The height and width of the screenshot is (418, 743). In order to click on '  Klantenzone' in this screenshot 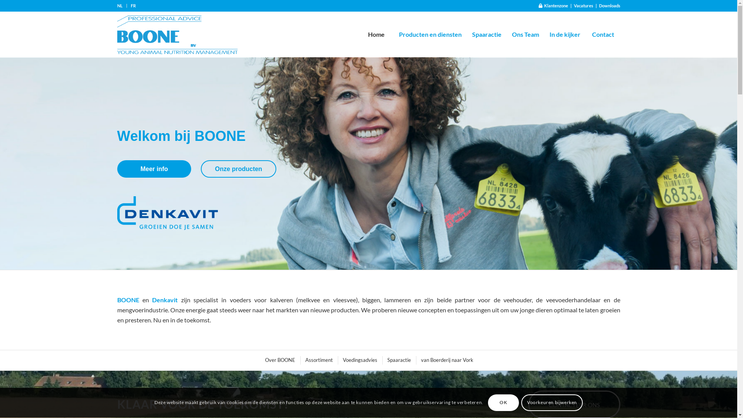, I will do `click(538, 5)`.